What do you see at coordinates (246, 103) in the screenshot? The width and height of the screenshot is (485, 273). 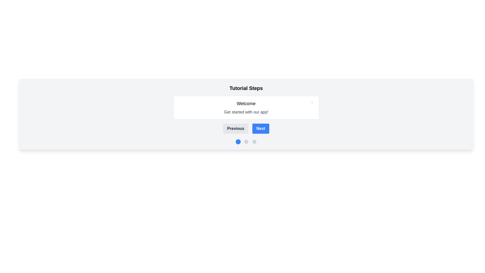 I see `the 'Welcome' text label, which is the first line of a two-line text grouping in a white, rounded rectangle card` at bounding box center [246, 103].